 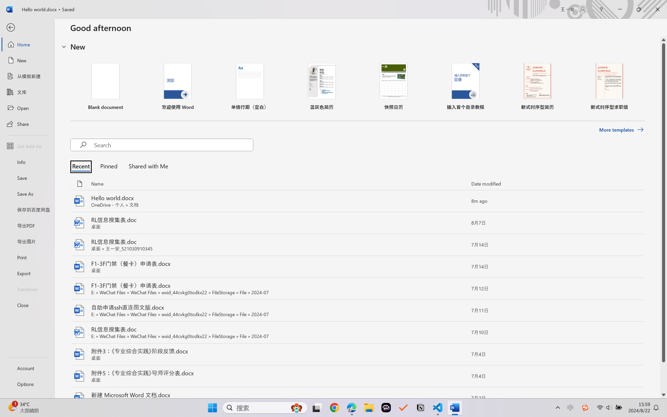 I want to click on 'Open', so click(x=27, y=108).